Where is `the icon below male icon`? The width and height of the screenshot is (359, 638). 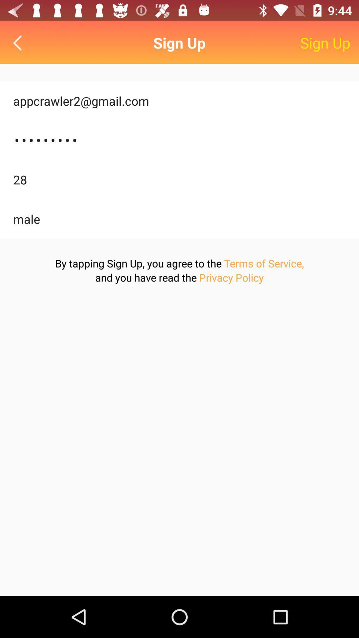
the icon below male icon is located at coordinates (264, 263).